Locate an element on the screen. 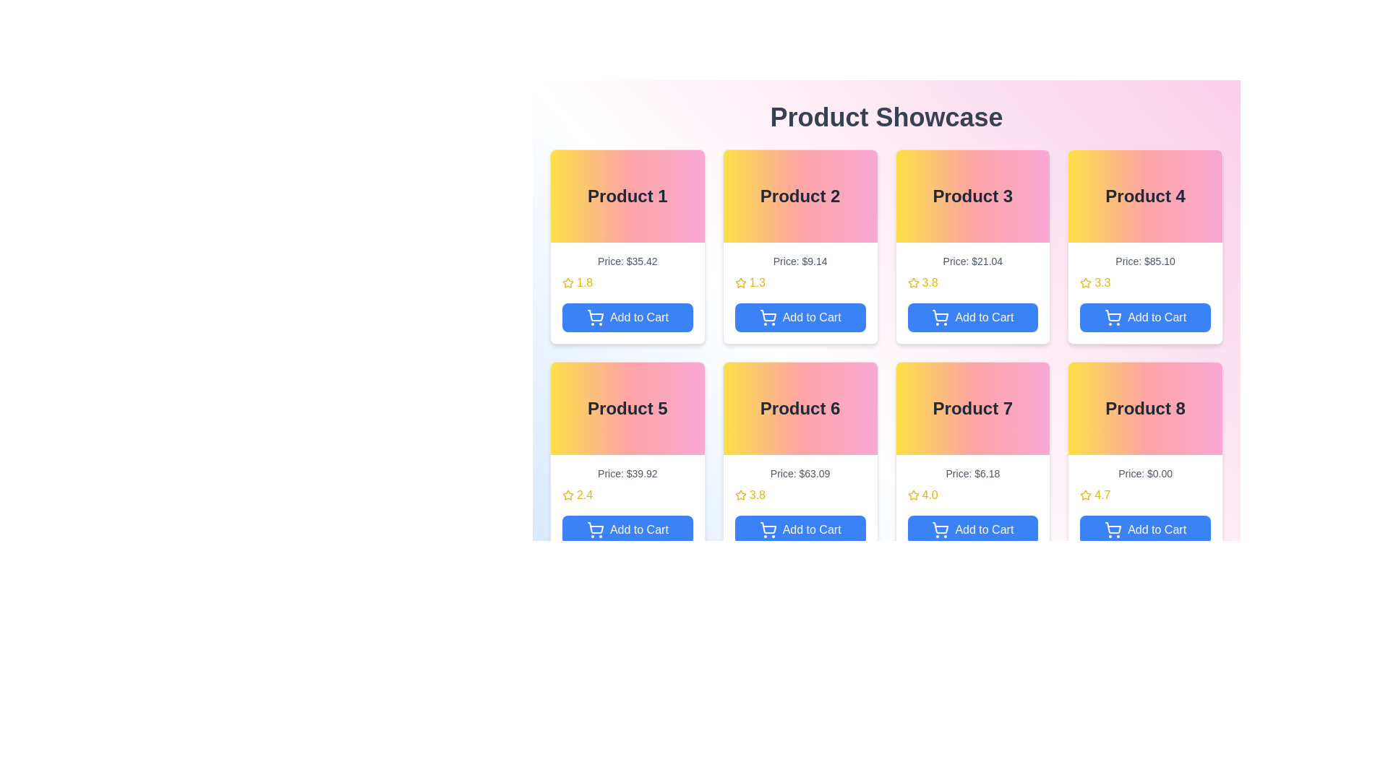  the sixth product card in the product showcase is located at coordinates (800, 459).